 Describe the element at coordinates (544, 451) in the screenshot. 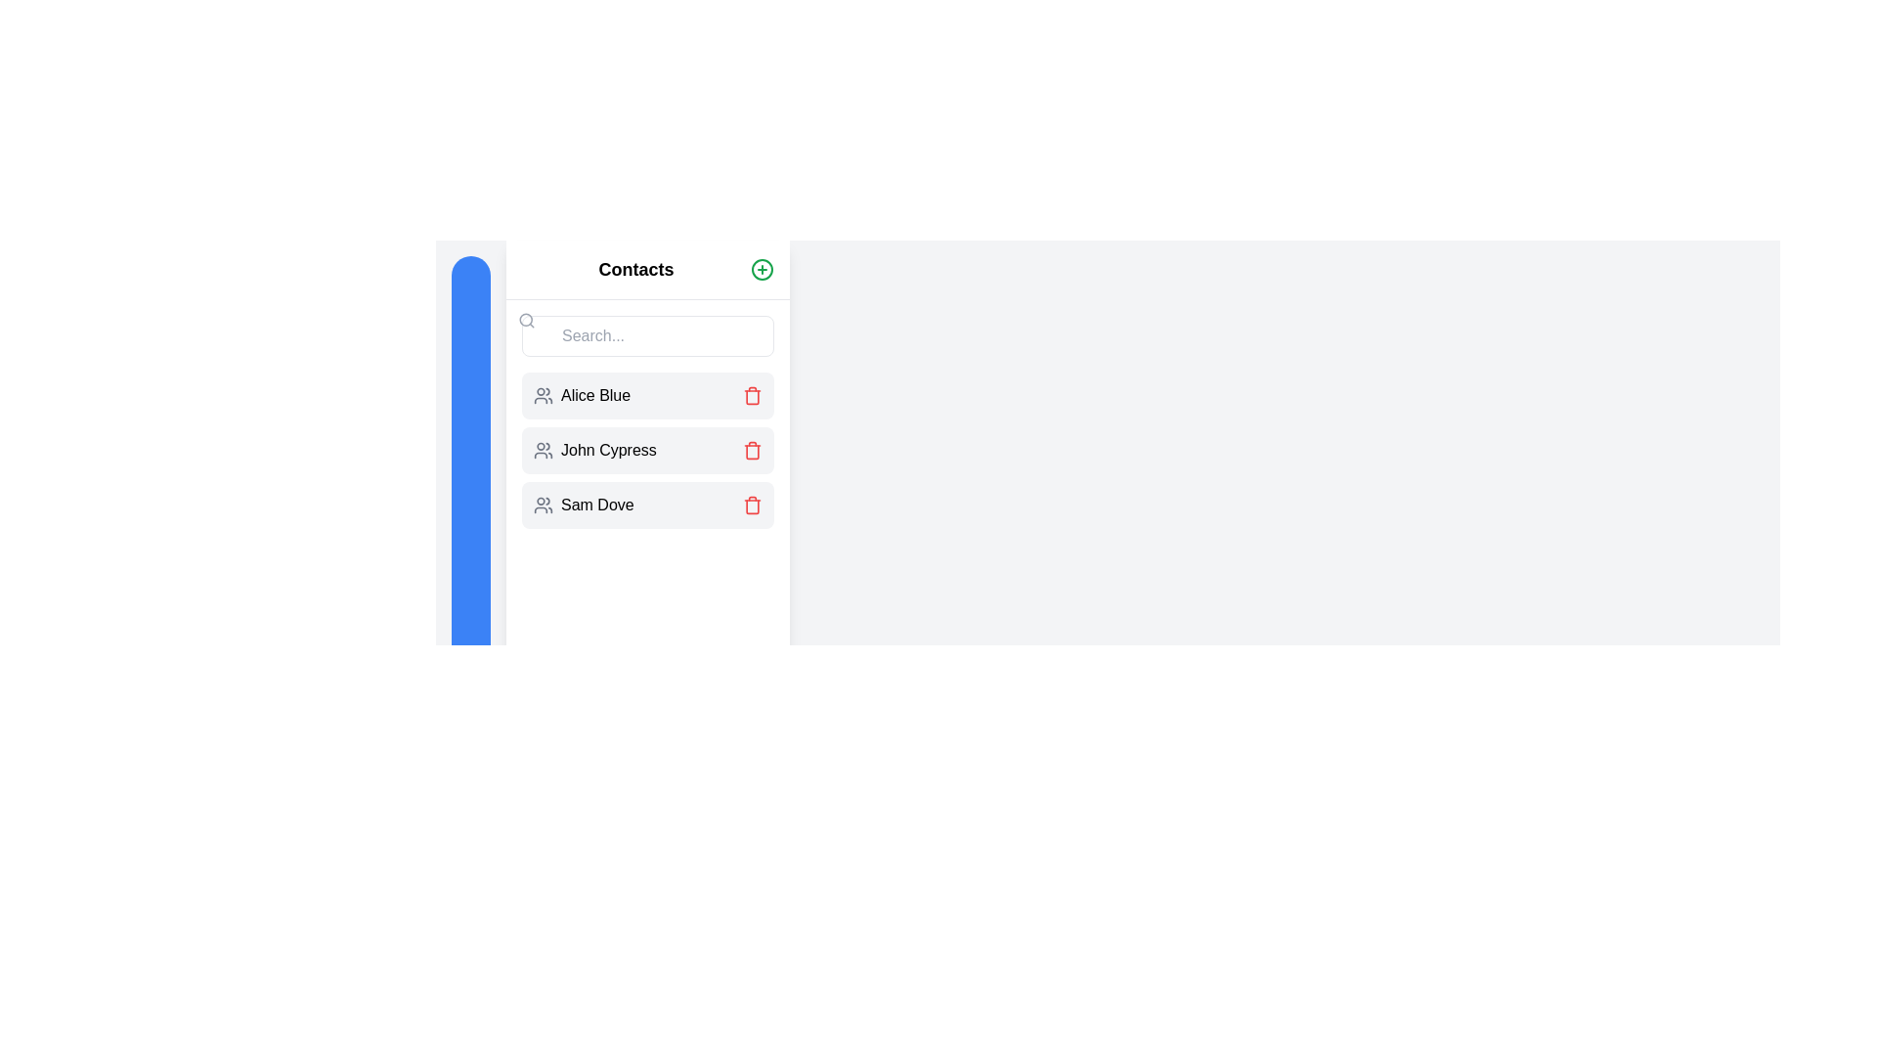

I see `the icon representing two abstract human figures, which is located on the left side of the contact entry row labeled 'John Cypress'` at that location.